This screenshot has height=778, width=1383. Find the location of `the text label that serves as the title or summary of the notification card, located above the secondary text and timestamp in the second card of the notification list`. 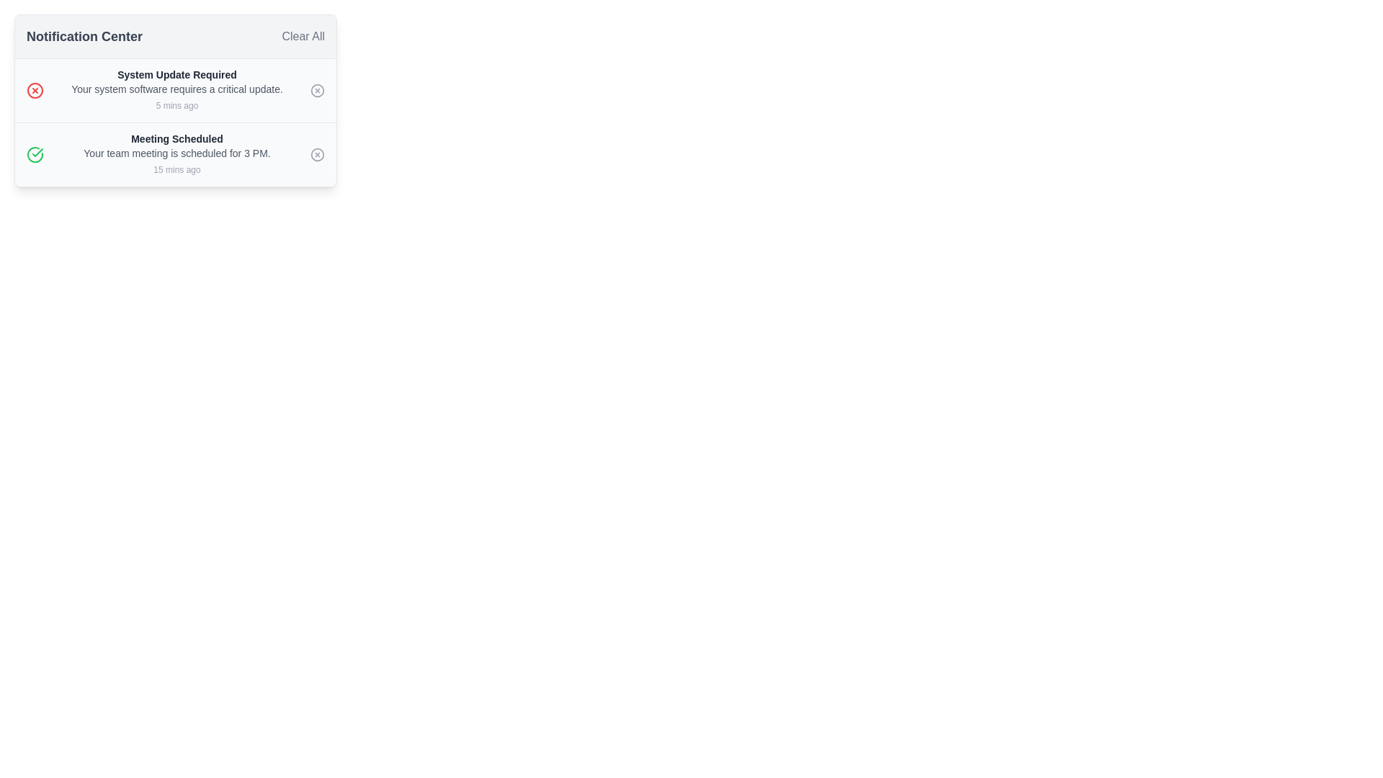

the text label that serves as the title or summary of the notification card, located above the secondary text and timestamp in the second card of the notification list is located at coordinates (176, 138).